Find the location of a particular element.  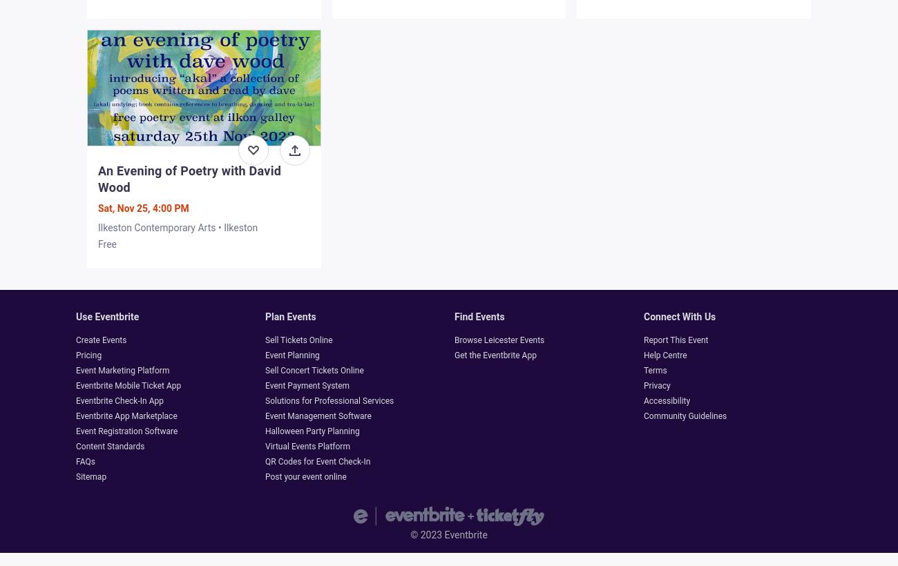

'Pricing' is located at coordinates (88, 354).